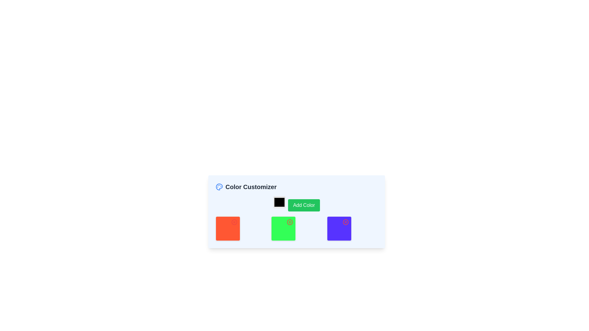 Image resolution: width=589 pixels, height=331 pixels. I want to click on the decorative SVG circle element located centrally within the rightmost blue square in the Color Customizer panel, so click(345, 222).